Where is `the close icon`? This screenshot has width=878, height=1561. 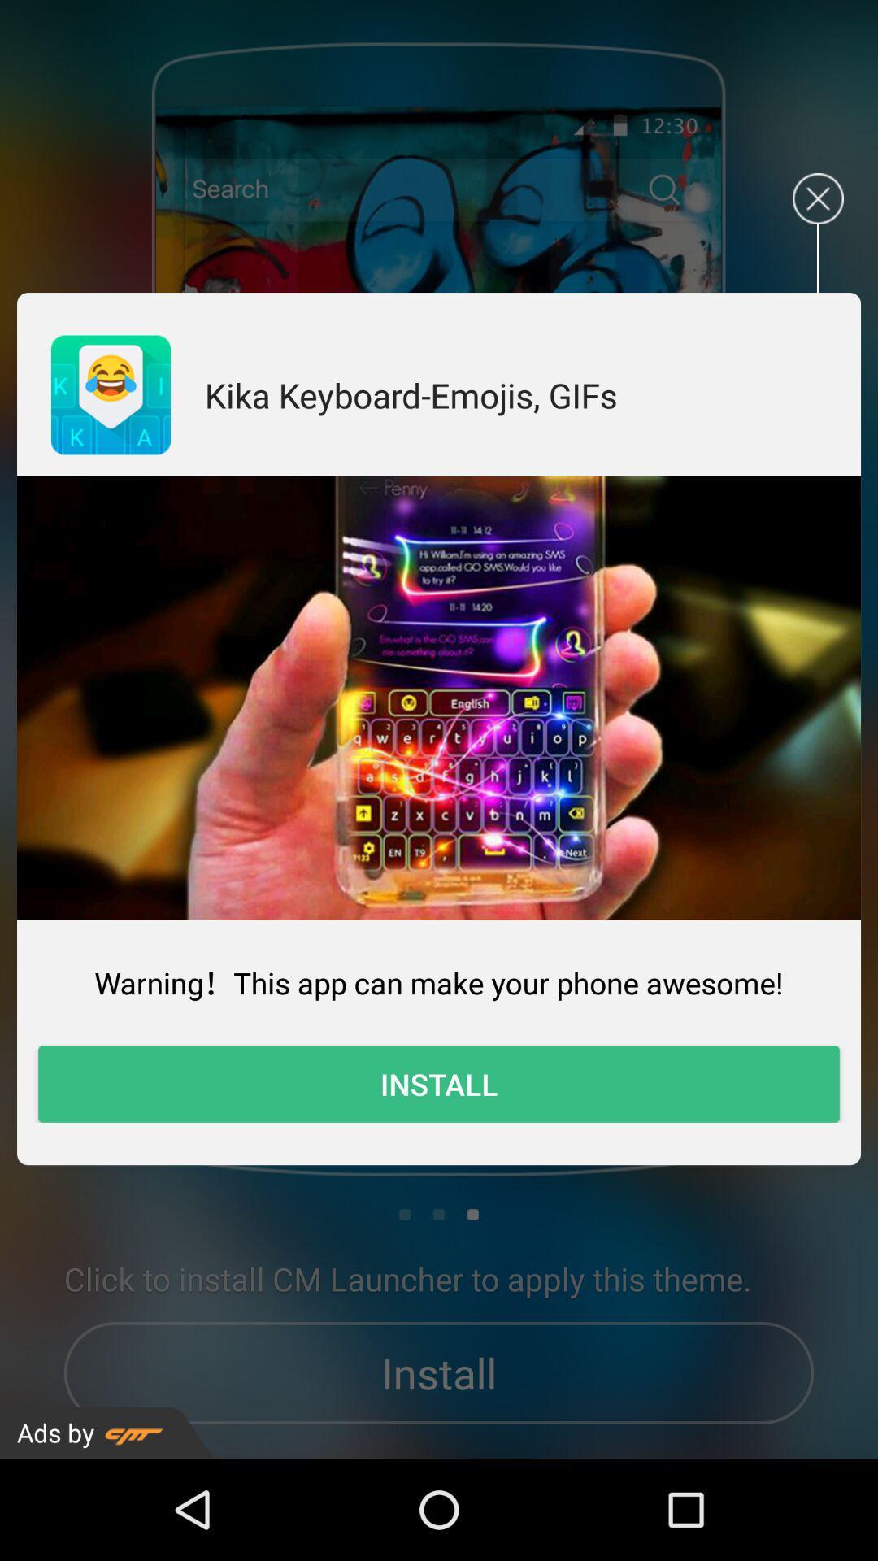 the close icon is located at coordinates (818, 211).